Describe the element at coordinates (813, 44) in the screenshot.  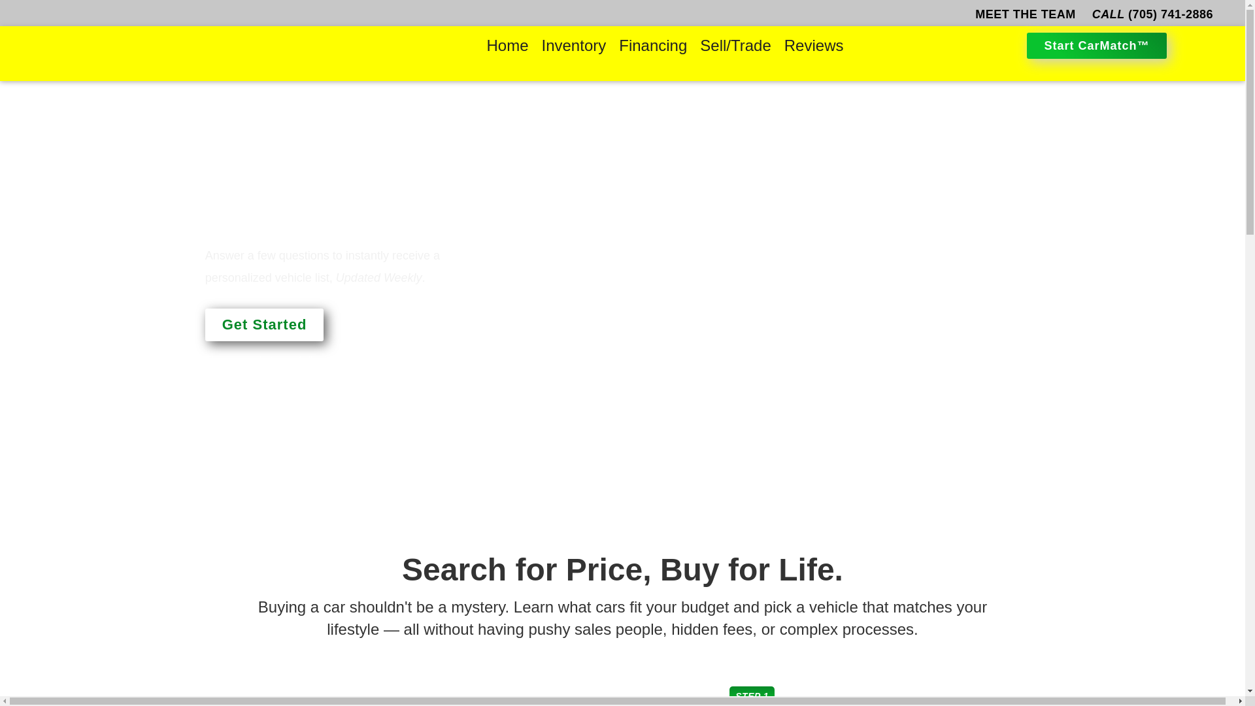
I see `'Reviews'` at that location.